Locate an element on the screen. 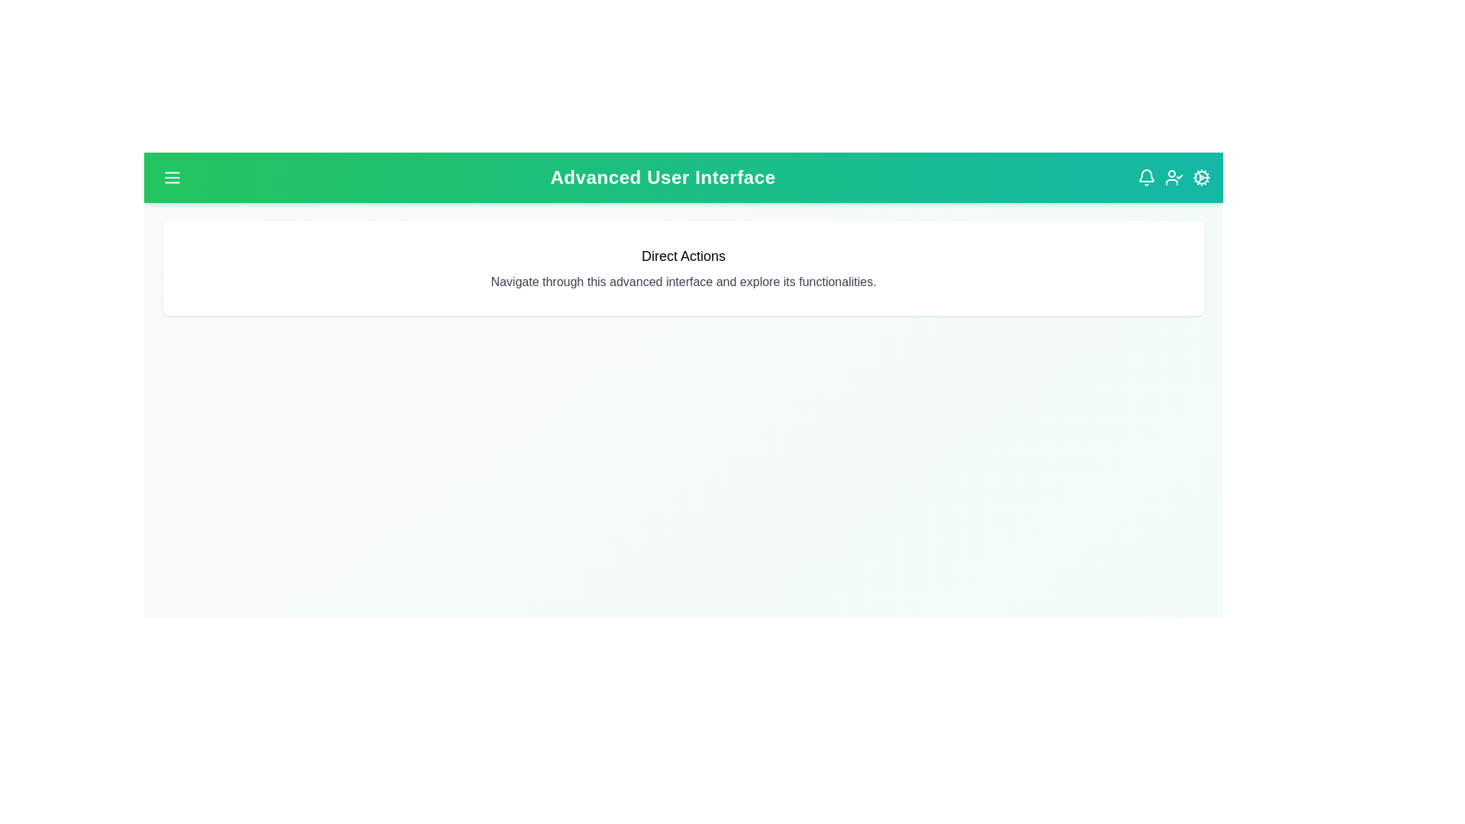  the header text 'Advanced User Interface' is located at coordinates (662, 176).